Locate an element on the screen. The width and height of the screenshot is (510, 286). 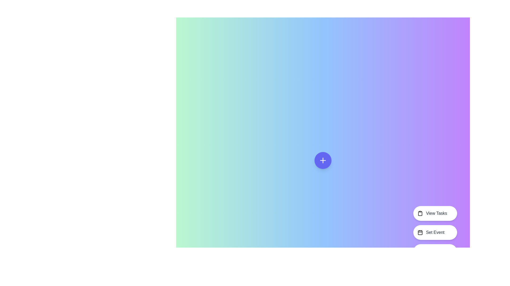
calendar icon element located within the 'Set Event' button in the options panel for additional information is located at coordinates (420, 232).